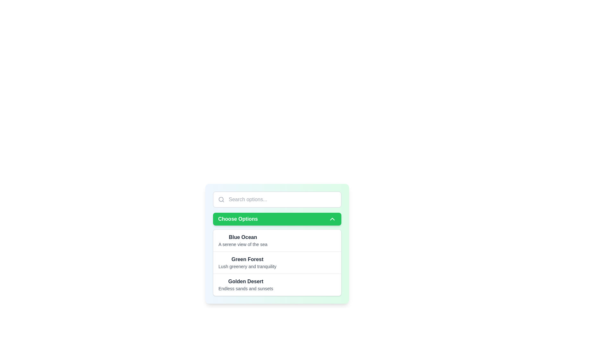 This screenshot has height=346, width=616. I want to click on the toggle button located below the search bar and above the options list, so click(277, 218).